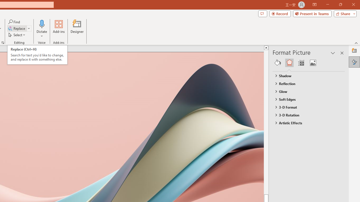  I want to click on 'Collapse the Ribbon', so click(356, 43).